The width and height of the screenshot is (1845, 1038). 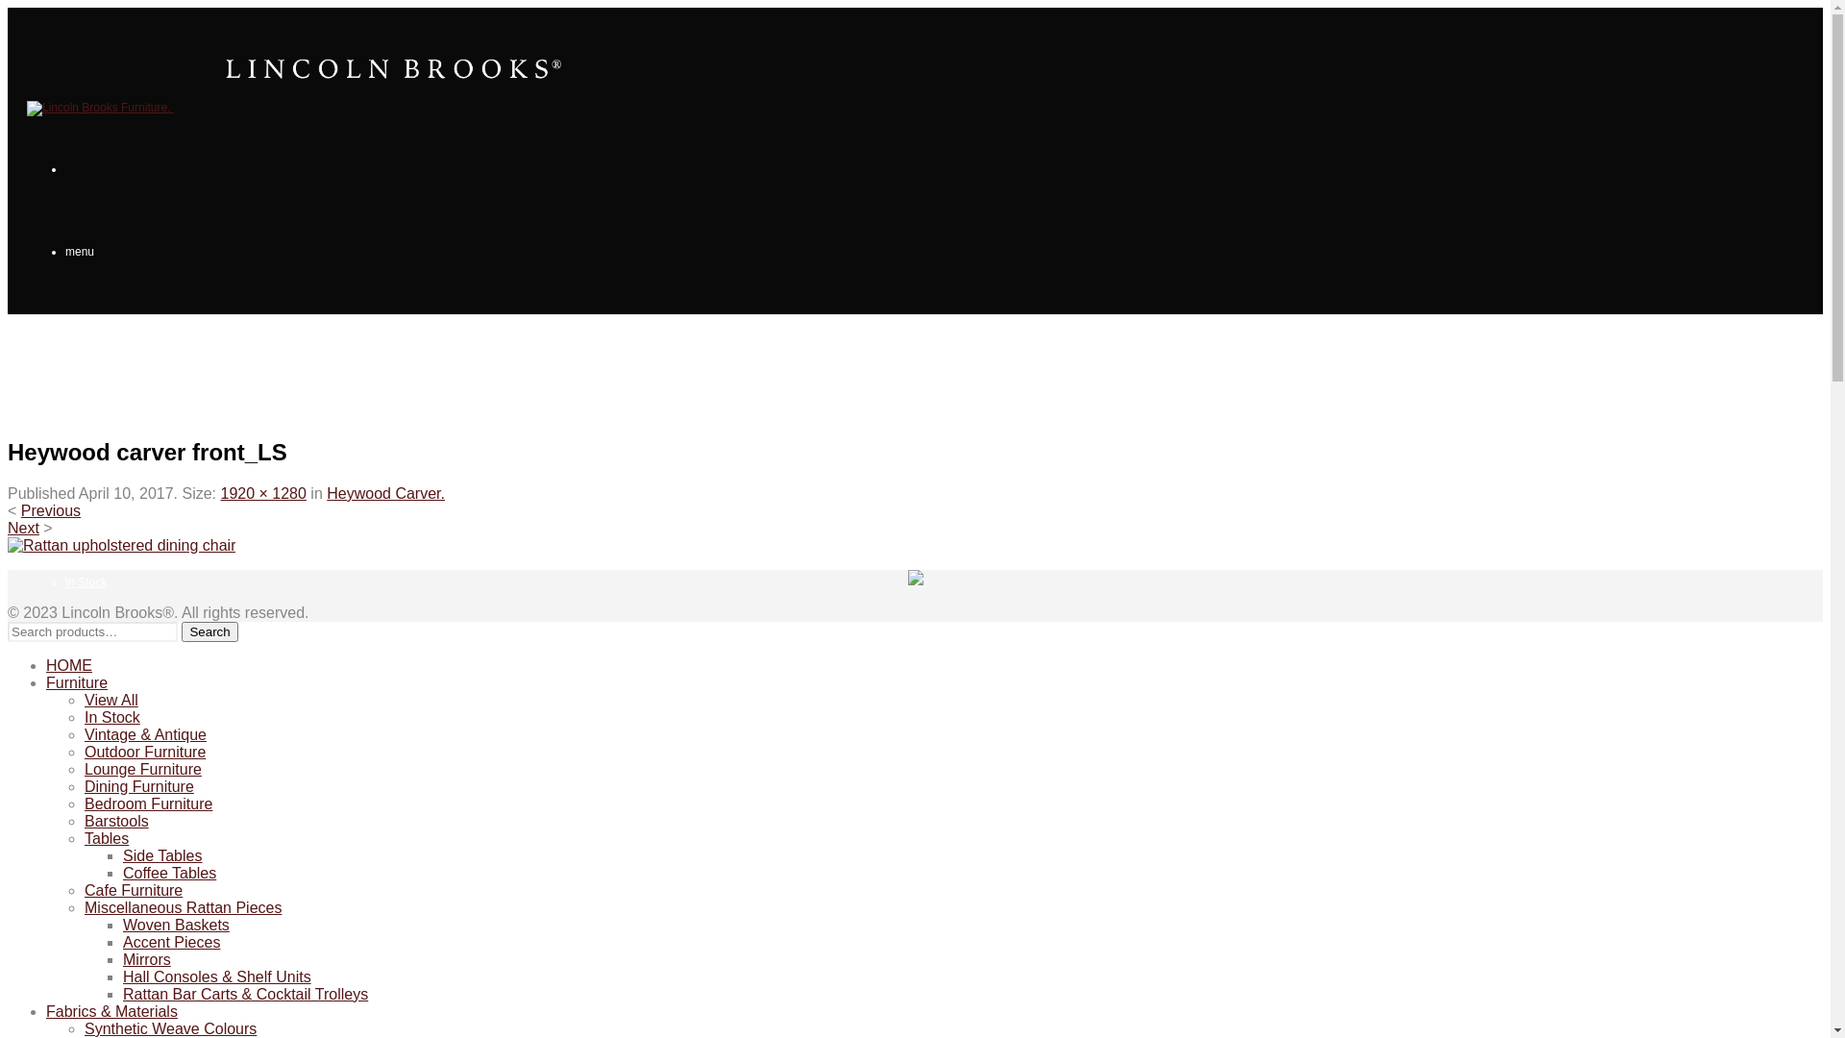 What do you see at coordinates (122, 959) in the screenshot?
I see `'Mirrors'` at bounding box center [122, 959].